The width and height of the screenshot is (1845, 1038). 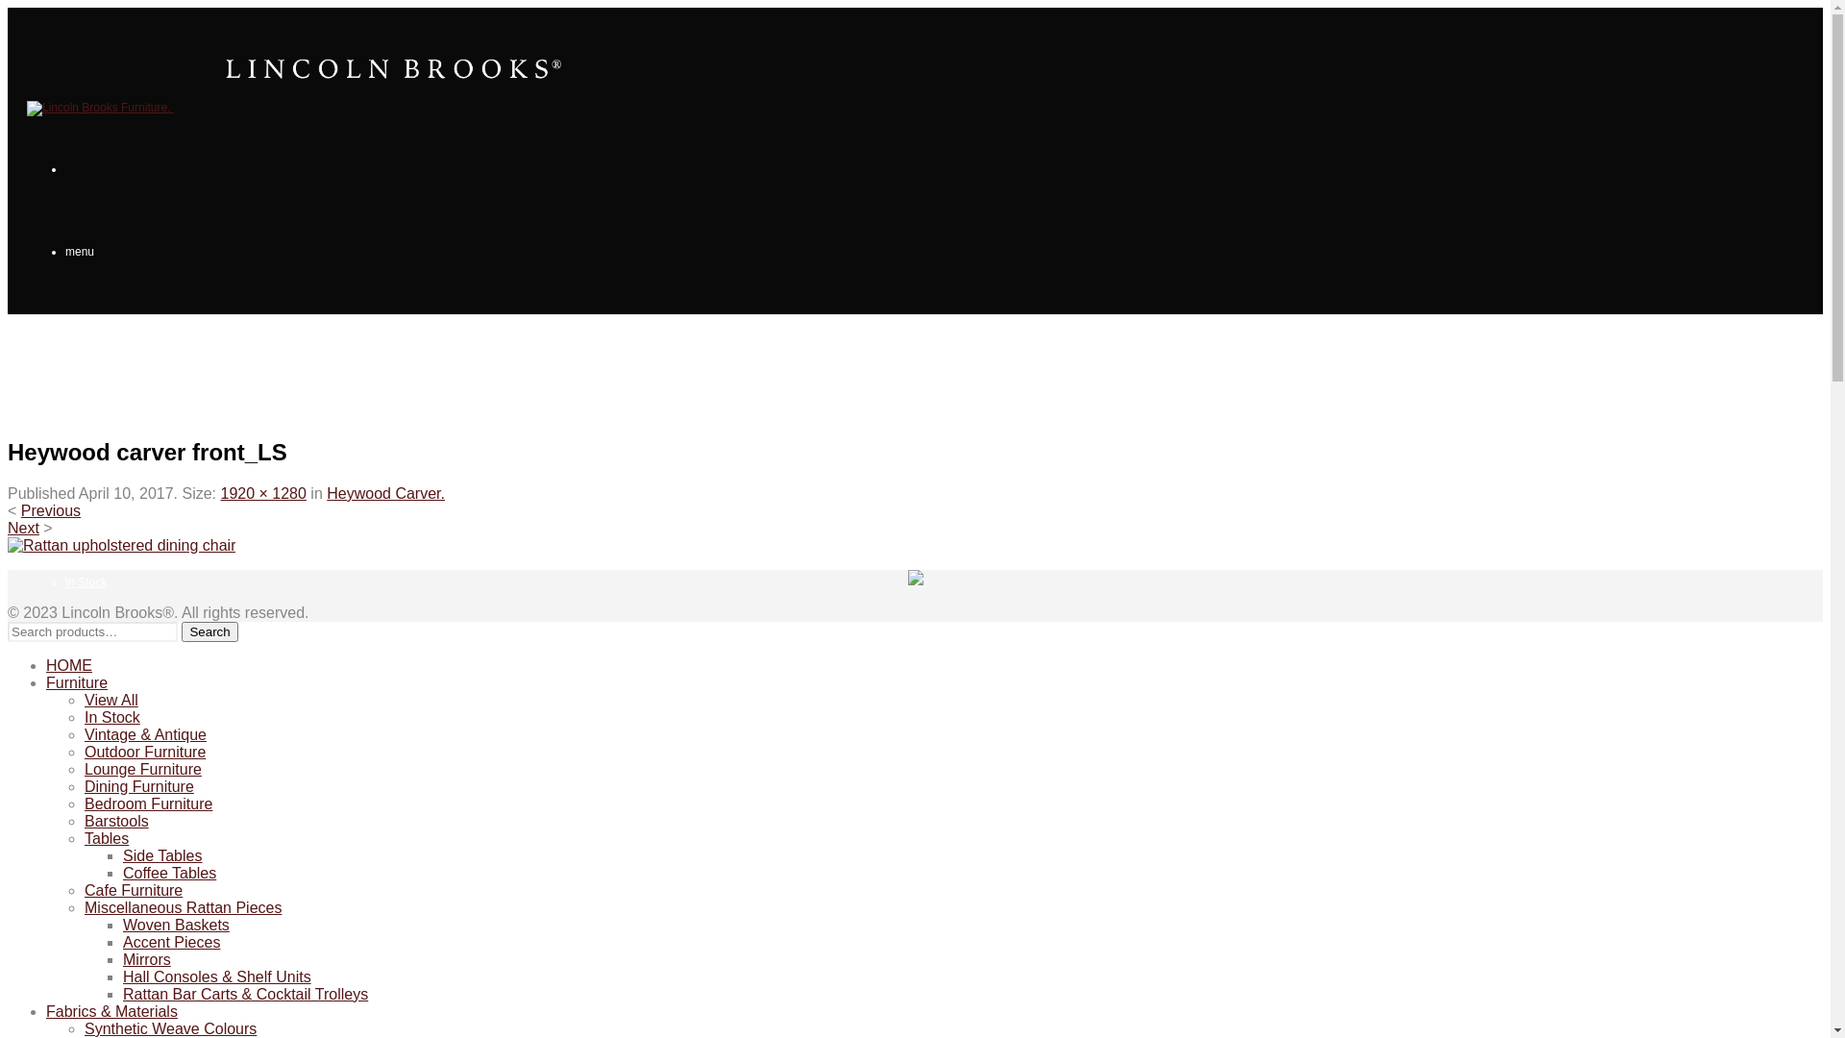 What do you see at coordinates (122, 959) in the screenshot?
I see `'Mirrors'` at bounding box center [122, 959].